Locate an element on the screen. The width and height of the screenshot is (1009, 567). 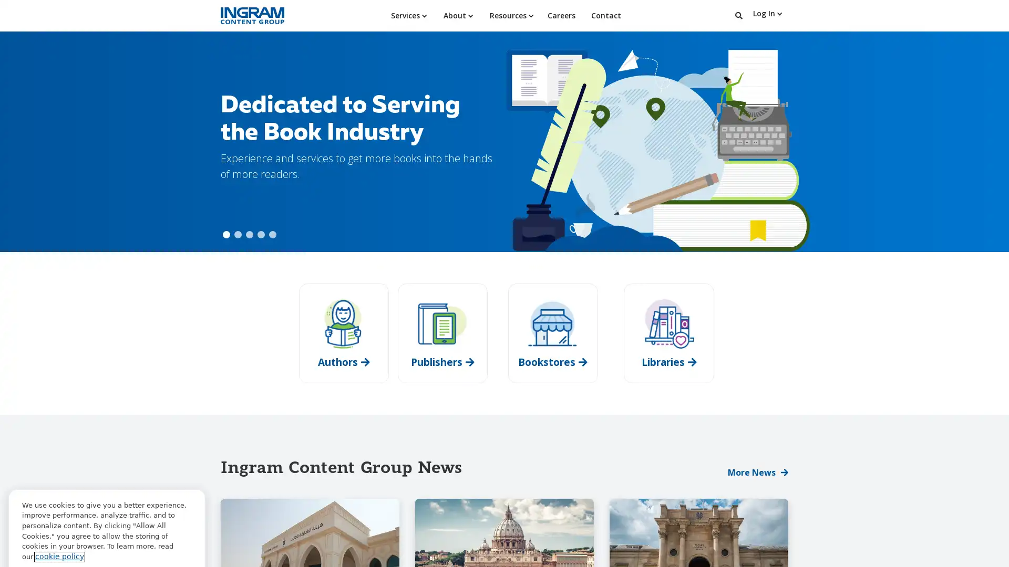
Cookie Preferences is located at coordinates (107, 539).